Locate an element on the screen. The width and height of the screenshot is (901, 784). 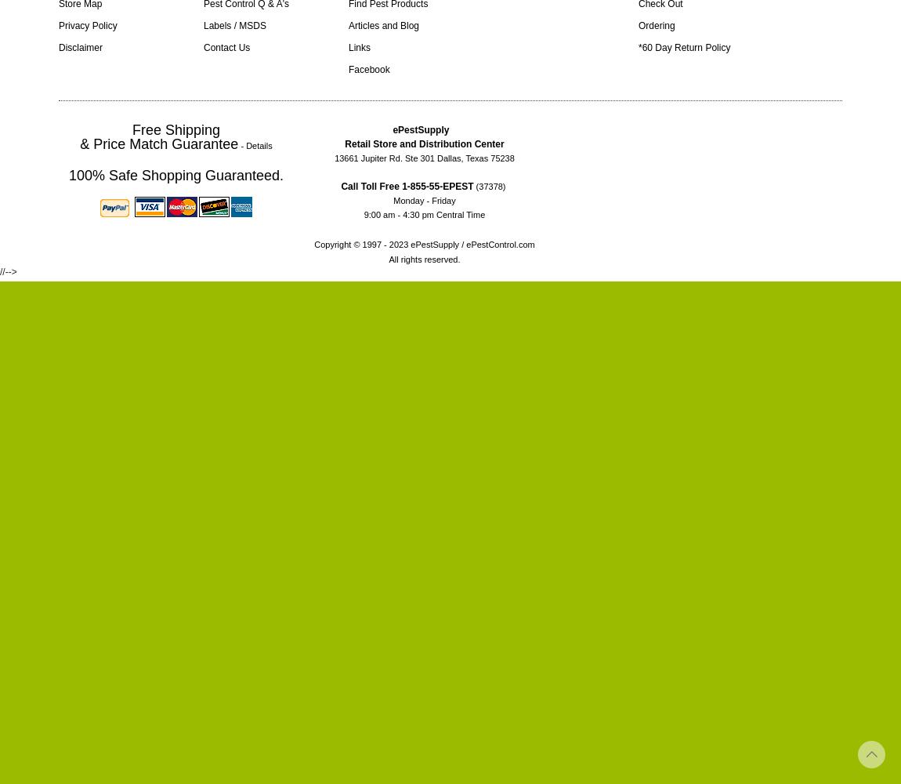
'(37378)' is located at coordinates (472, 186).